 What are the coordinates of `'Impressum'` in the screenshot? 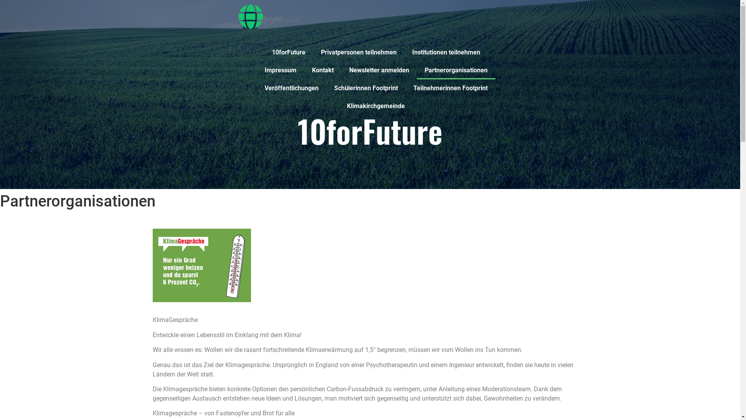 It's located at (280, 70).